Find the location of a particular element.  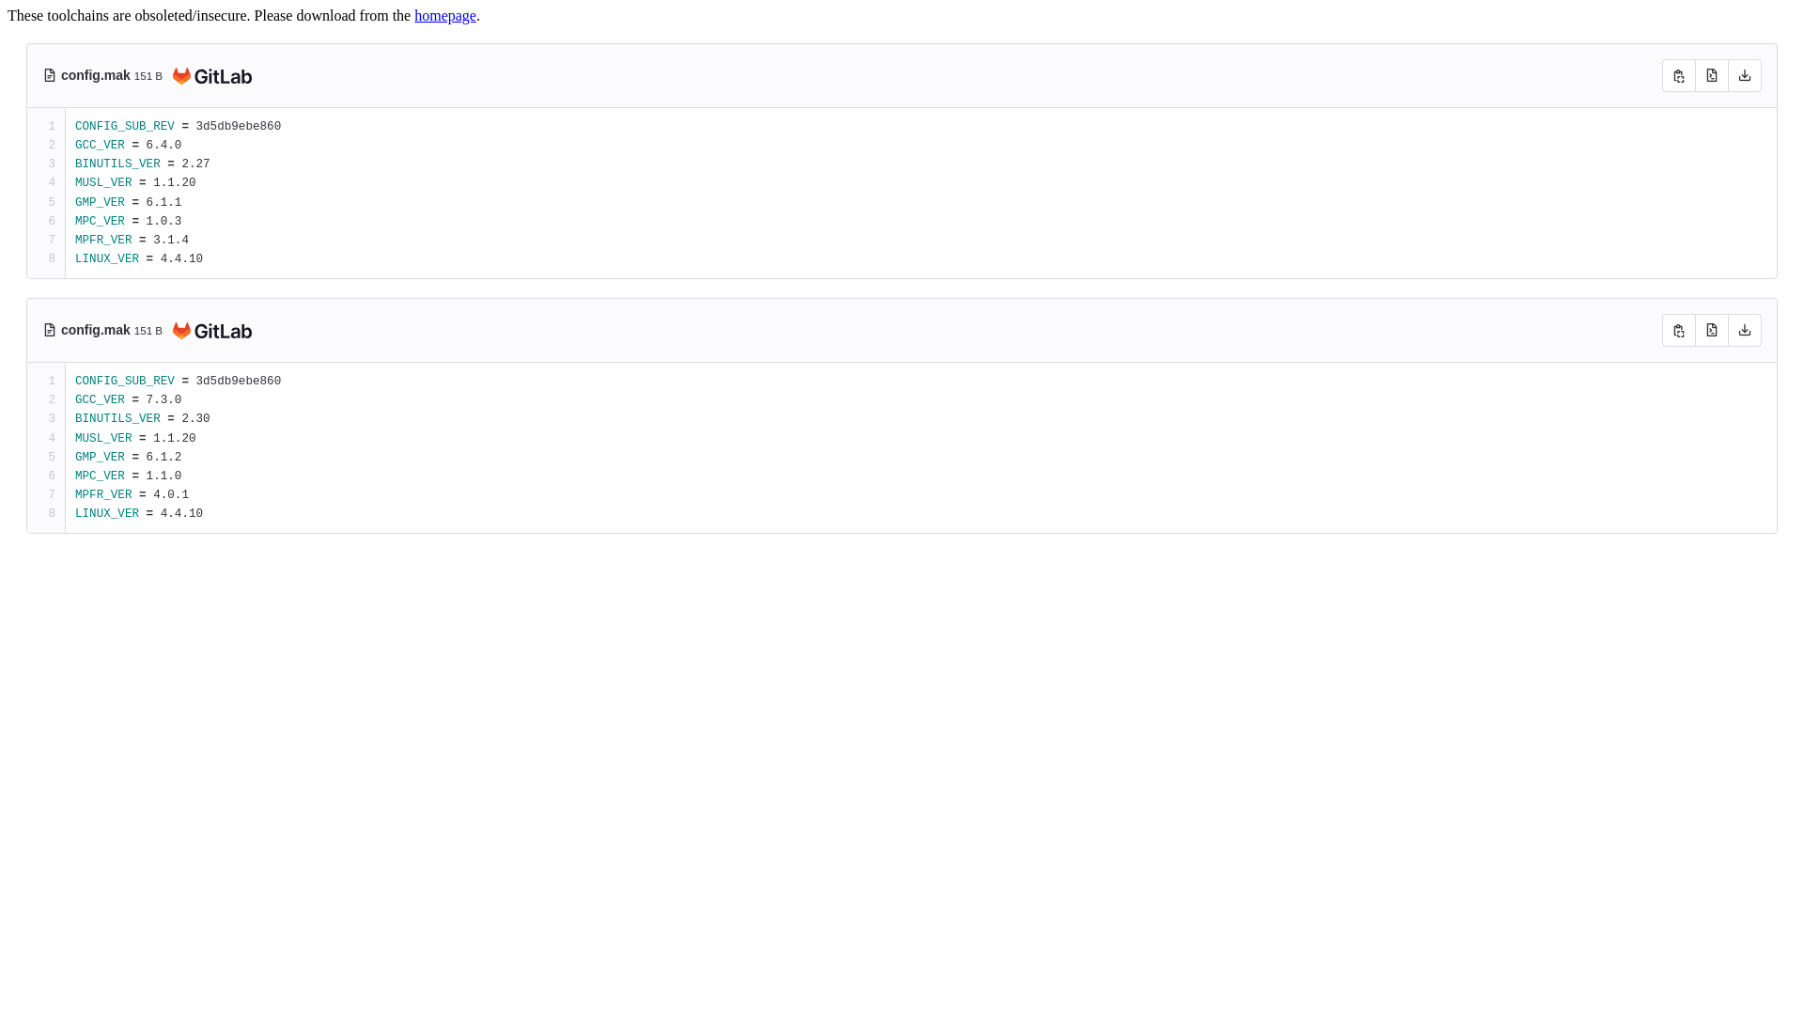

'config.mak' is located at coordinates (97, 74).